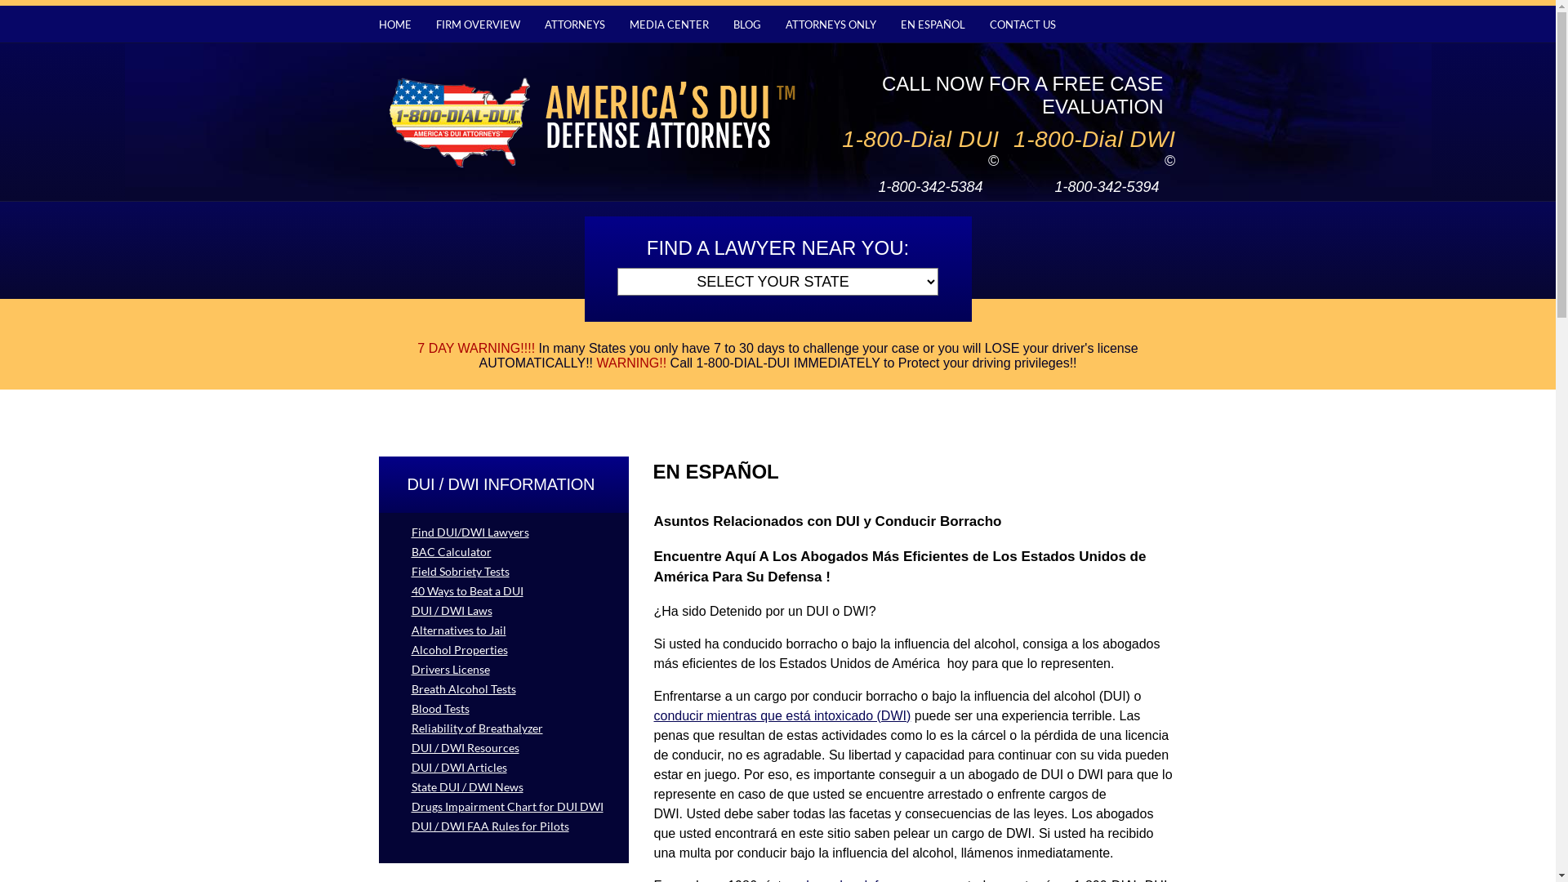 The height and width of the screenshot is (882, 1568). Describe the element at coordinates (378, 767) in the screenshot. I see `'DUI / DWI Articles'` at that location.